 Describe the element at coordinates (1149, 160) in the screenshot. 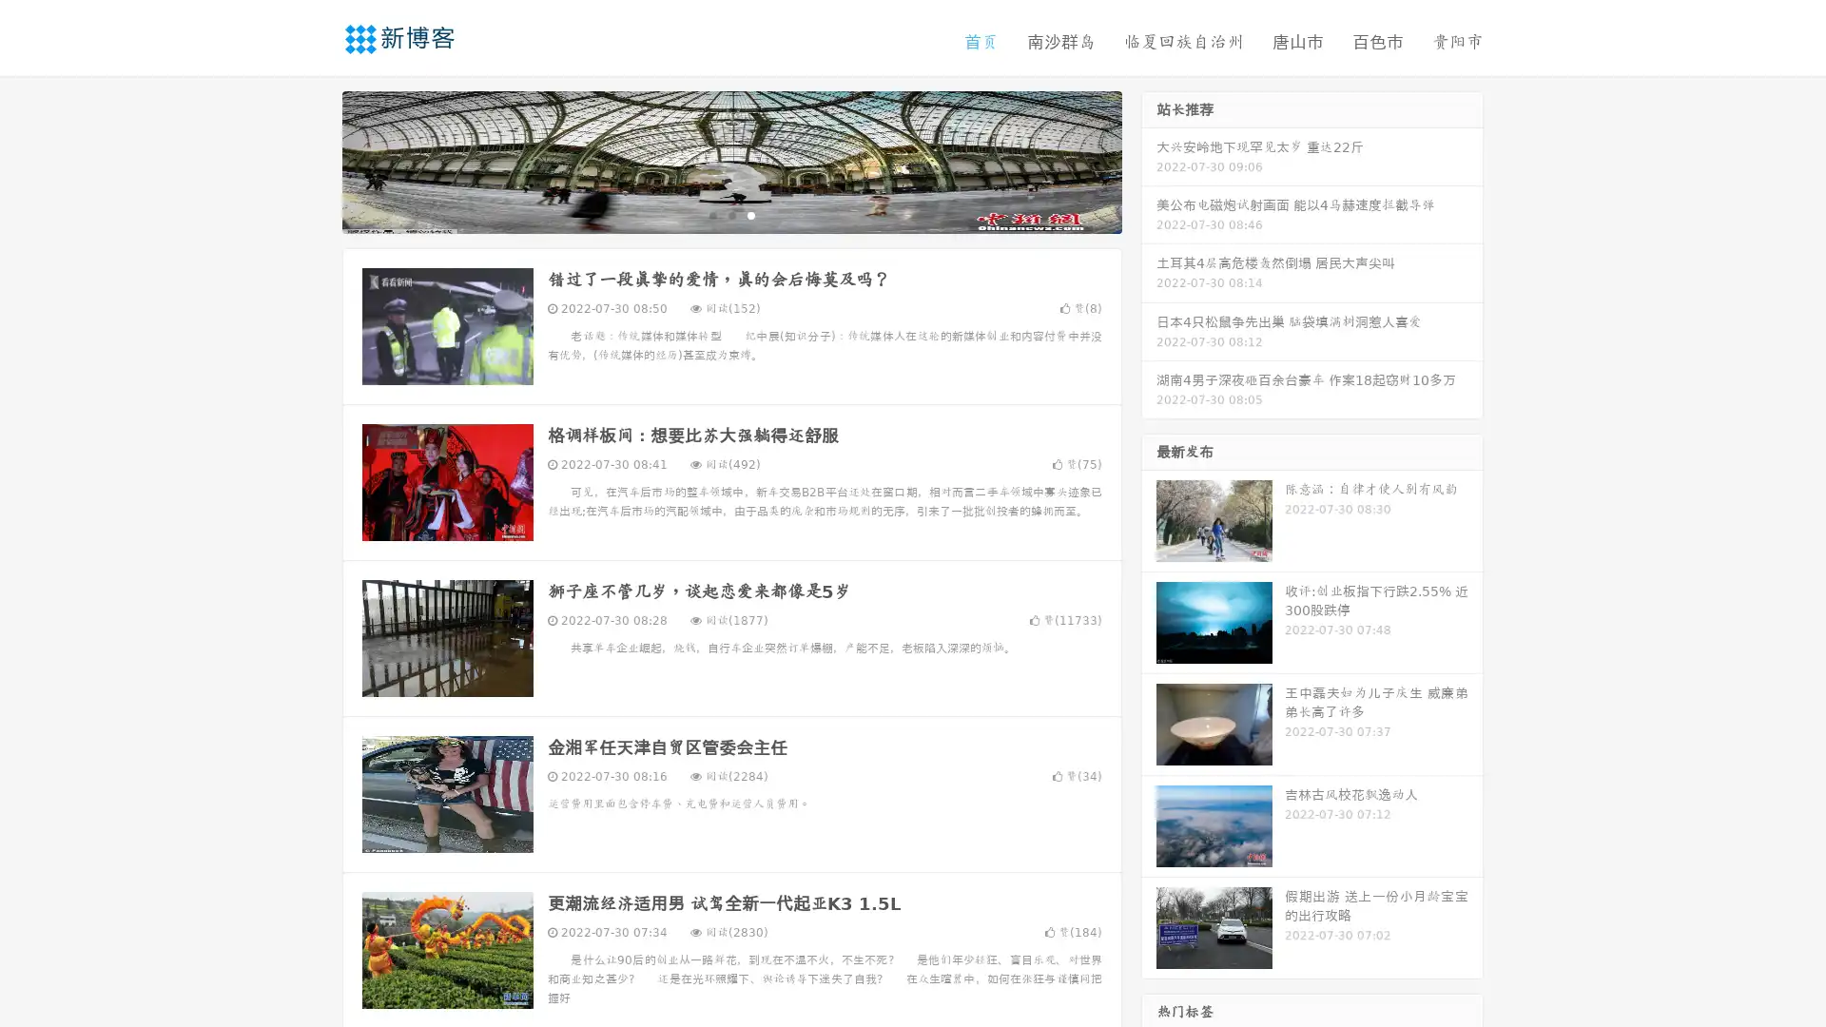

I see `Next slide` at that location.